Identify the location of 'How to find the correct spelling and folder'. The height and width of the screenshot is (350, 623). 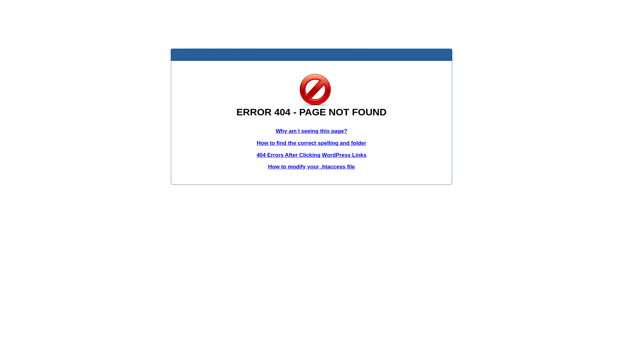
(311, 143).